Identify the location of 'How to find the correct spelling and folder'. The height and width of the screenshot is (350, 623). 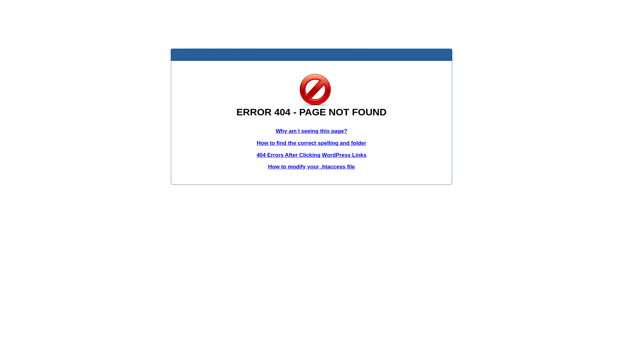
(311, 143).